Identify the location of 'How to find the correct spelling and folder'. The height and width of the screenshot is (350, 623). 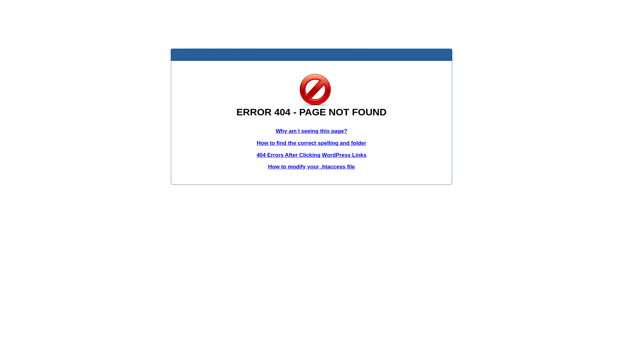
(311, 143).